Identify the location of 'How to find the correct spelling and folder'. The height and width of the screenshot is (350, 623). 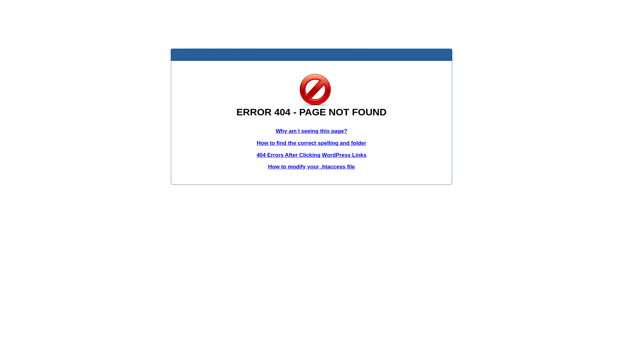
(311, 143).